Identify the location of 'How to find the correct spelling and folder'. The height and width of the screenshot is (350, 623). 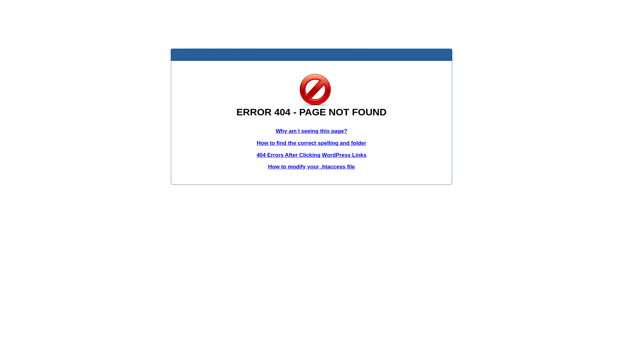
(311, 143).